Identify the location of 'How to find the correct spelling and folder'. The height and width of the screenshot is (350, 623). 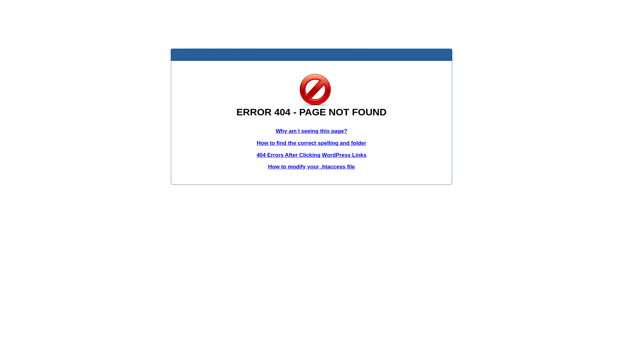
(311, 143).